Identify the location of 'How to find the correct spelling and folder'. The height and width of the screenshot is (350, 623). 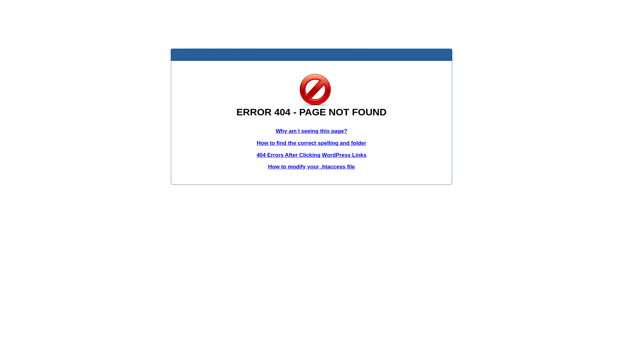
(311, 143).